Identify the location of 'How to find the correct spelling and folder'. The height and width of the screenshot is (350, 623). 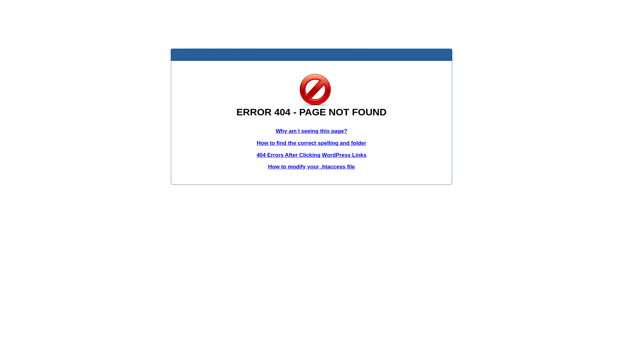
(311, 143).